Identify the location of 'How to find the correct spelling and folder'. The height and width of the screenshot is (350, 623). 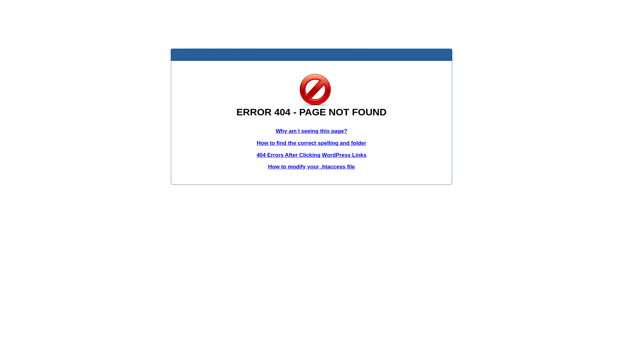
(311, 143).